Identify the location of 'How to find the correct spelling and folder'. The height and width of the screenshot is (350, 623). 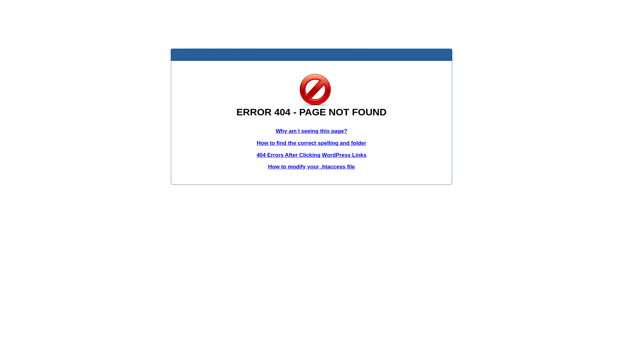
(311, 143).